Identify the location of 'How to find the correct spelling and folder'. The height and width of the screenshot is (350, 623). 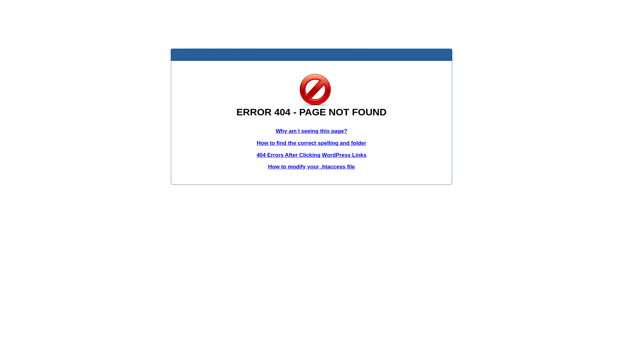
(311, 143).